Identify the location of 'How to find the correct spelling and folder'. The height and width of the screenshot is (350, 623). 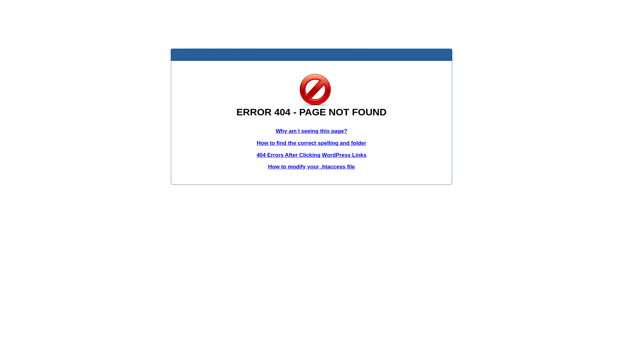
(311, 143).